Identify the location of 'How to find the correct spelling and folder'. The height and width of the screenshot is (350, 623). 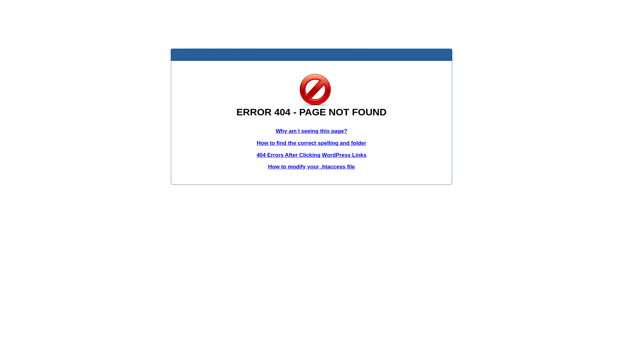
(311, 143).